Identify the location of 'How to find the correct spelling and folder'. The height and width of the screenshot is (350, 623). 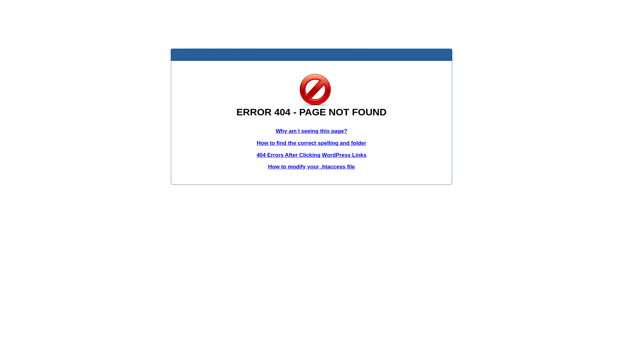
(311, 143).